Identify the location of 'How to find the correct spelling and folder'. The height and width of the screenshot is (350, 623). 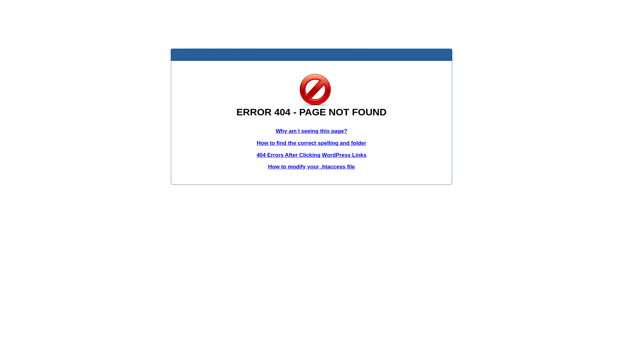
(311, 143).